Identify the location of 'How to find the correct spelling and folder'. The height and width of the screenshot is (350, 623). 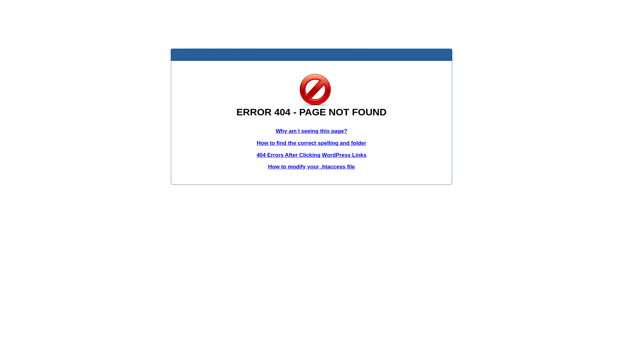
(311, 143).